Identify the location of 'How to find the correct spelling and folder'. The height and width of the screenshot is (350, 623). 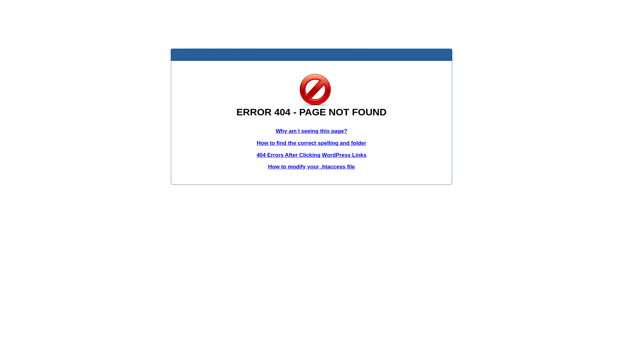
(311, 143).